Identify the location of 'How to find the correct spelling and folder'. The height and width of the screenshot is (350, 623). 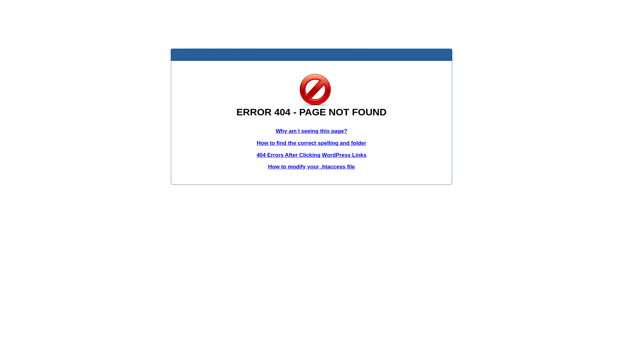
(311, 143).